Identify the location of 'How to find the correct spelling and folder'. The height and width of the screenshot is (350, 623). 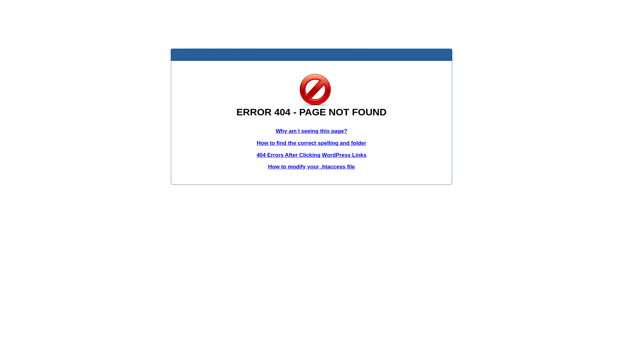
(311, 143).